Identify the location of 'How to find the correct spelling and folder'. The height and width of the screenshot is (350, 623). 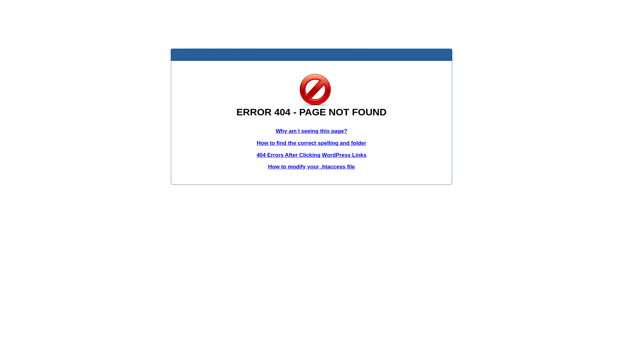
(311, 143).